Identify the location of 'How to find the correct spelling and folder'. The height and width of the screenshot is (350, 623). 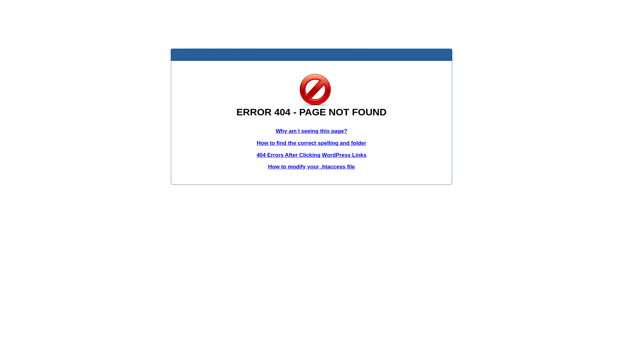
(311, 143).